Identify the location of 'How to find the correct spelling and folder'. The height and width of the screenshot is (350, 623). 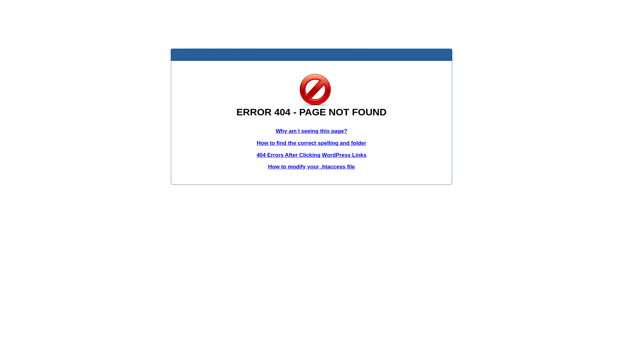
(311, 143).